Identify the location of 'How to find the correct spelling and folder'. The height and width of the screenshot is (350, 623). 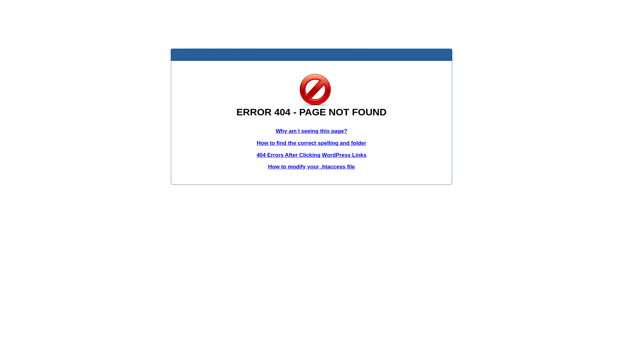
(311, 143).